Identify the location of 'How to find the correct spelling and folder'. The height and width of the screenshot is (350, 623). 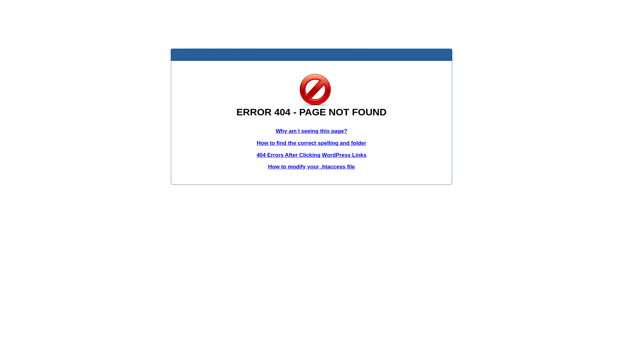
(311, 143).